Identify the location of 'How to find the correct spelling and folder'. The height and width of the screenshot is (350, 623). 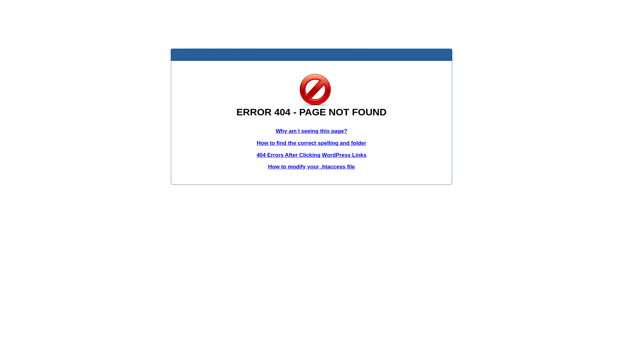
(311, 143).